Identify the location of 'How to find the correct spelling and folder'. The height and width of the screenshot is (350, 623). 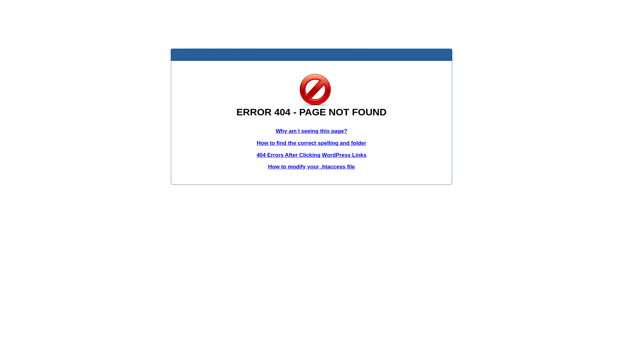
(311, 143).